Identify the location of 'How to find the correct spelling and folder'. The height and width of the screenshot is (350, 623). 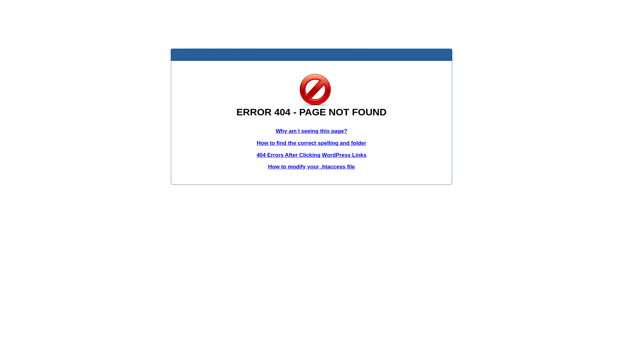
(311, 143).